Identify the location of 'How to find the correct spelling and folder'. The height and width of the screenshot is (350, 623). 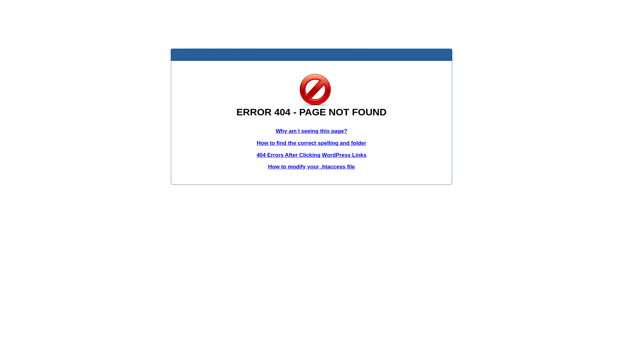
(311, 143).